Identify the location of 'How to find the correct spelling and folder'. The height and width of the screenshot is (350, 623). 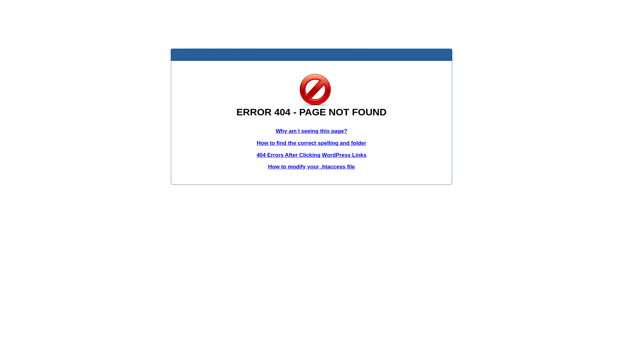
(311, 143).